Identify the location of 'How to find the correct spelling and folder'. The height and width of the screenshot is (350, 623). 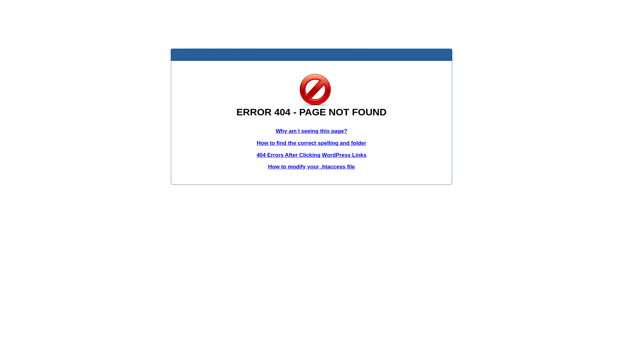
(311, 143).